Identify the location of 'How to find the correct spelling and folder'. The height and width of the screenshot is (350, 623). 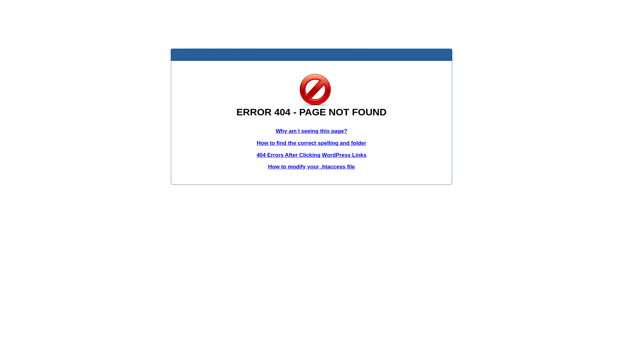
(311, 143).